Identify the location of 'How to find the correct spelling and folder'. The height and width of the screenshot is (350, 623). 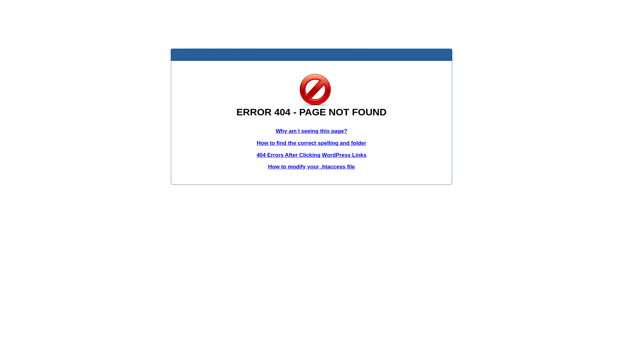
(311, 143).